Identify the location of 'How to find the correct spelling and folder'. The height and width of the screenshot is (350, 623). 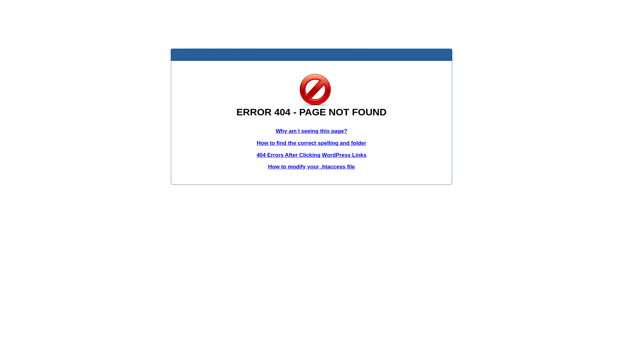
(311, 143).